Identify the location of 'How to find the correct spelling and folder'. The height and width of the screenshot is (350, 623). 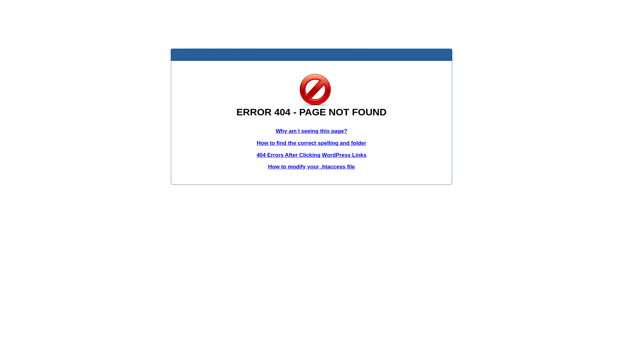
(311, 143).